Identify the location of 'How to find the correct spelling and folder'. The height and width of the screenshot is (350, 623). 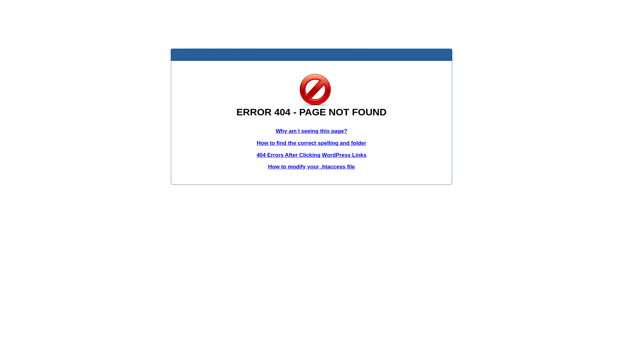
(311, 143).